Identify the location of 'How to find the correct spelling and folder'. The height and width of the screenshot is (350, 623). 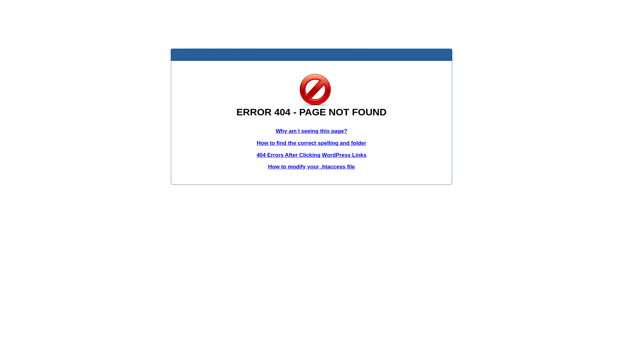
(311, 143).